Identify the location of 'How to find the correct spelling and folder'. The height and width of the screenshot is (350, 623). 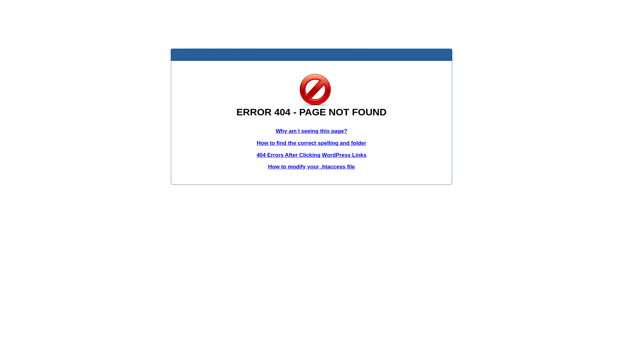
(311, 143).